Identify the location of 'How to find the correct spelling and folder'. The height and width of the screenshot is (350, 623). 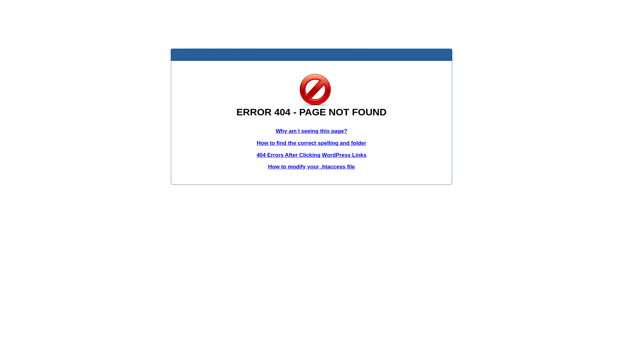
(311, 143).